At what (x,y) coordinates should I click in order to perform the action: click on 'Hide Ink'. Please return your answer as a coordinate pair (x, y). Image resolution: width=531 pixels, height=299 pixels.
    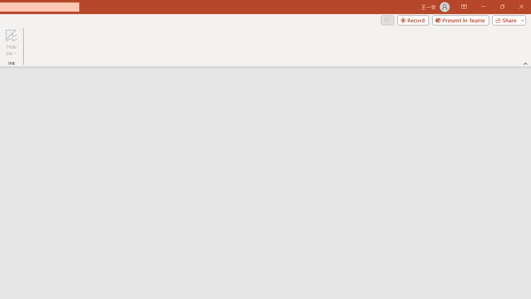
    Looking at the image, I should click on (11, 43).